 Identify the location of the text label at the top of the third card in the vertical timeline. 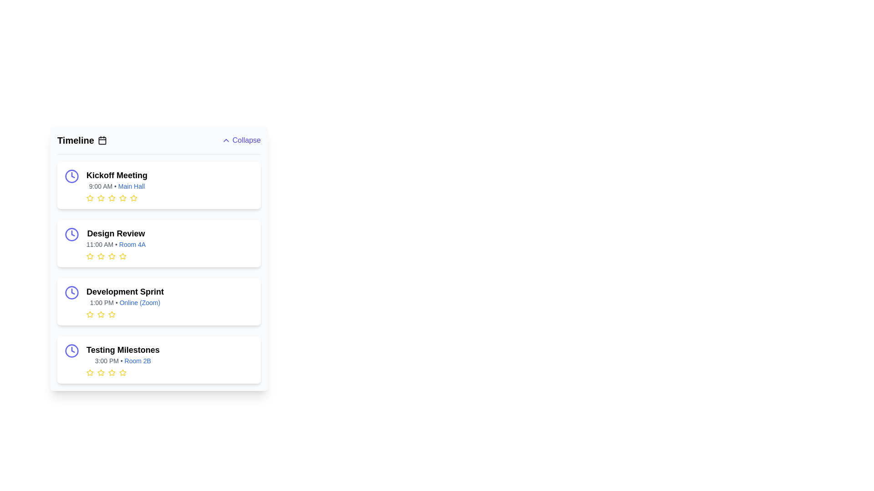
(124, 291).